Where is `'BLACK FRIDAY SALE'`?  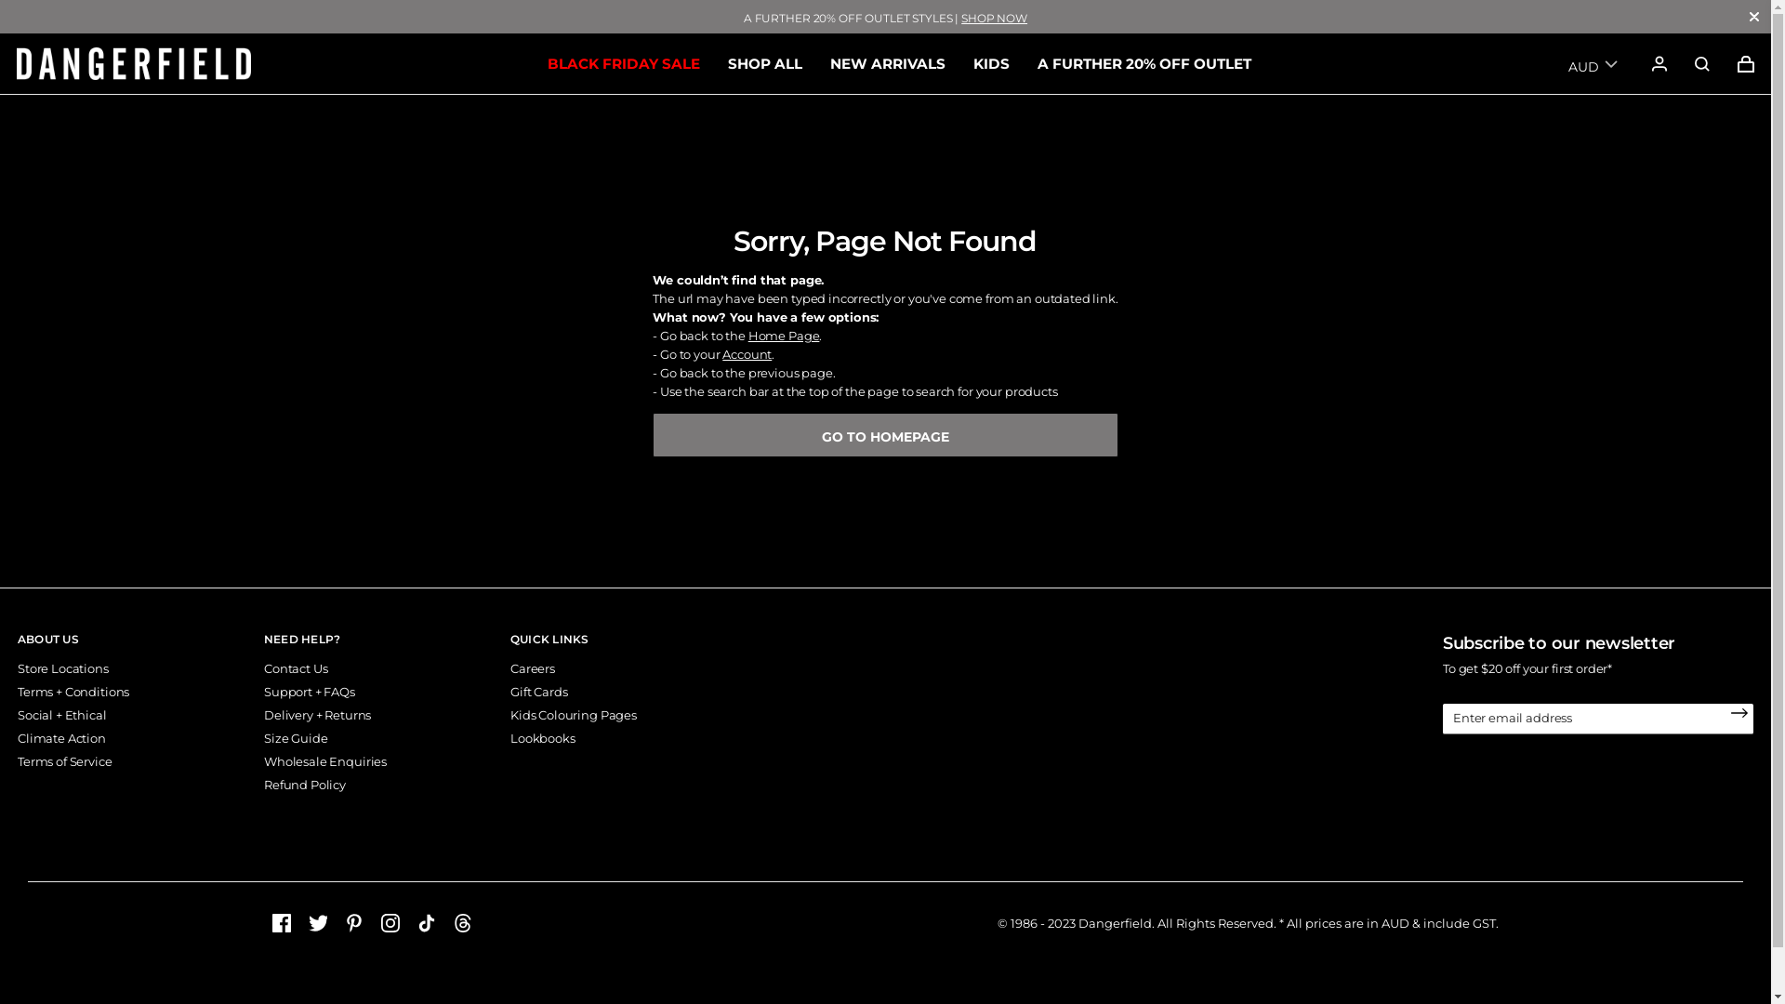
'BLACK FRIDAY SALE' is located at coordinates (623, 62).